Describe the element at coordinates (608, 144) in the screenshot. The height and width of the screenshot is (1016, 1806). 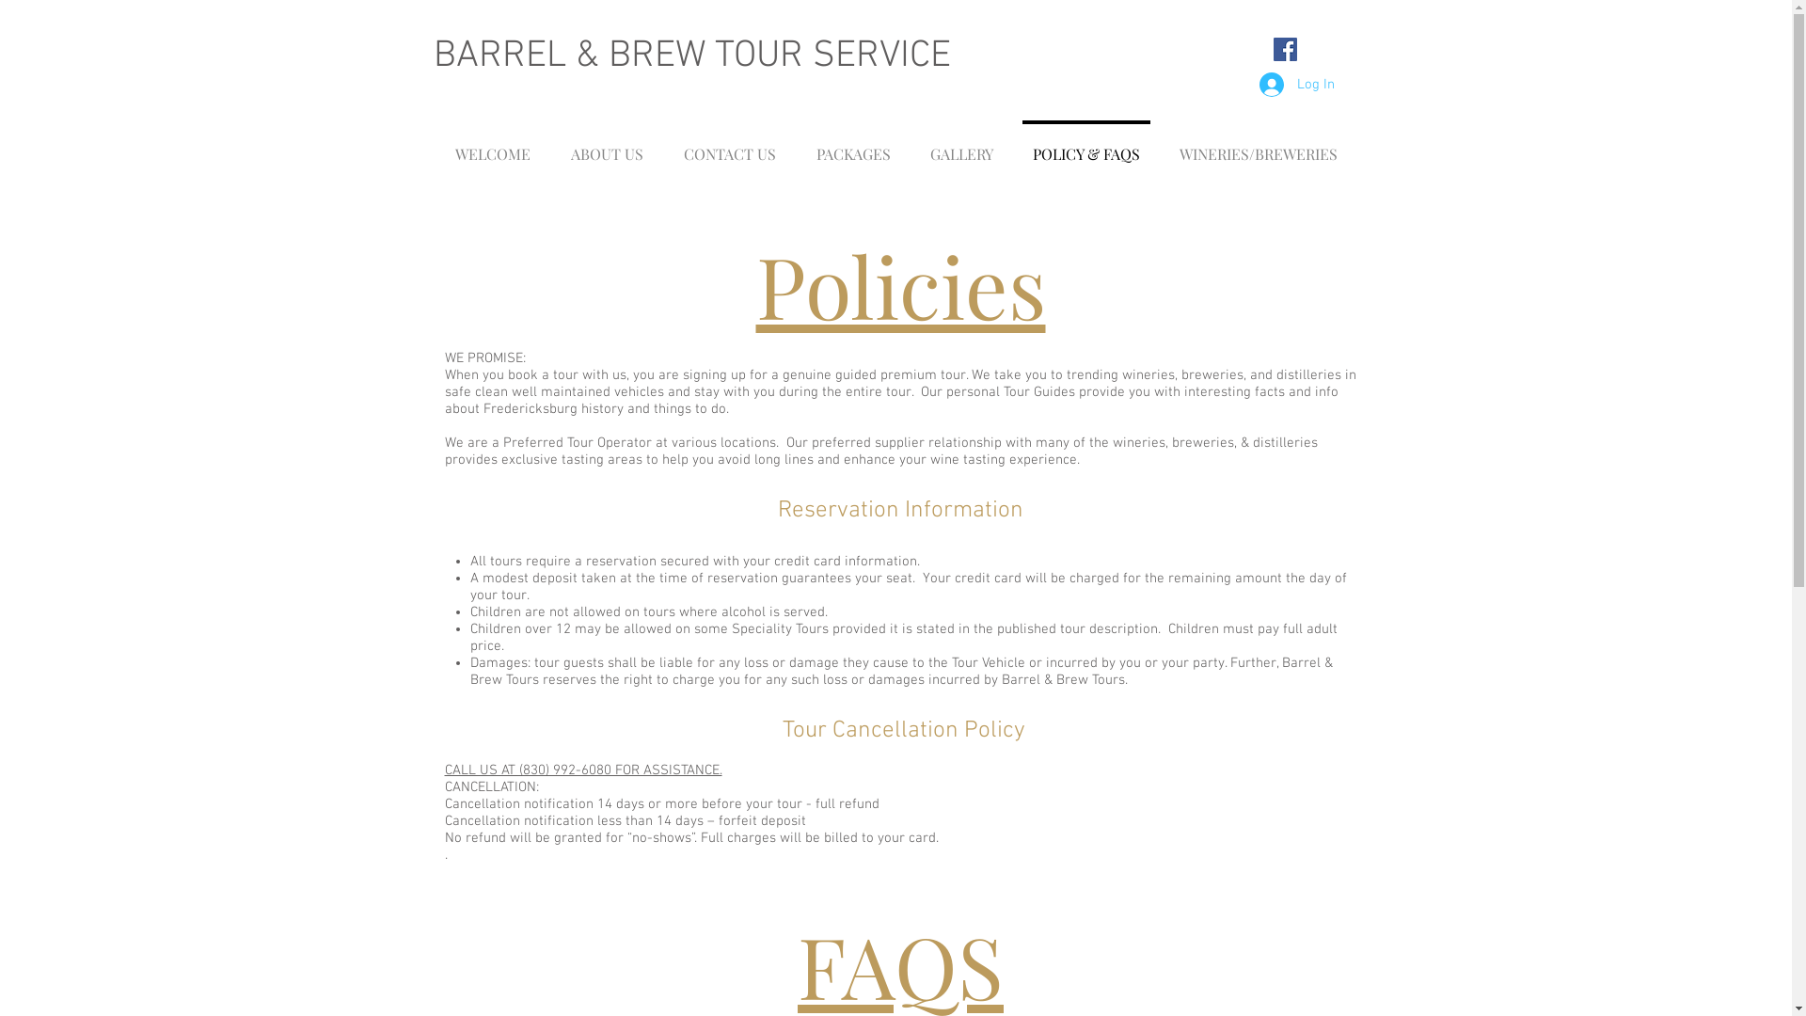
I see `'ABOUT US'` at that location.